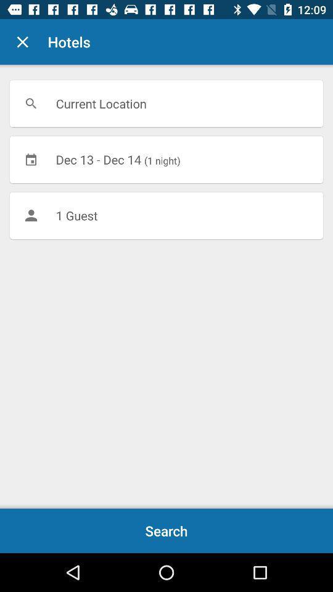 The image size is (333, 592). Describe the element at coordinates (22, 42) in the screenshot. I see `the icon next to hotels` at that location.